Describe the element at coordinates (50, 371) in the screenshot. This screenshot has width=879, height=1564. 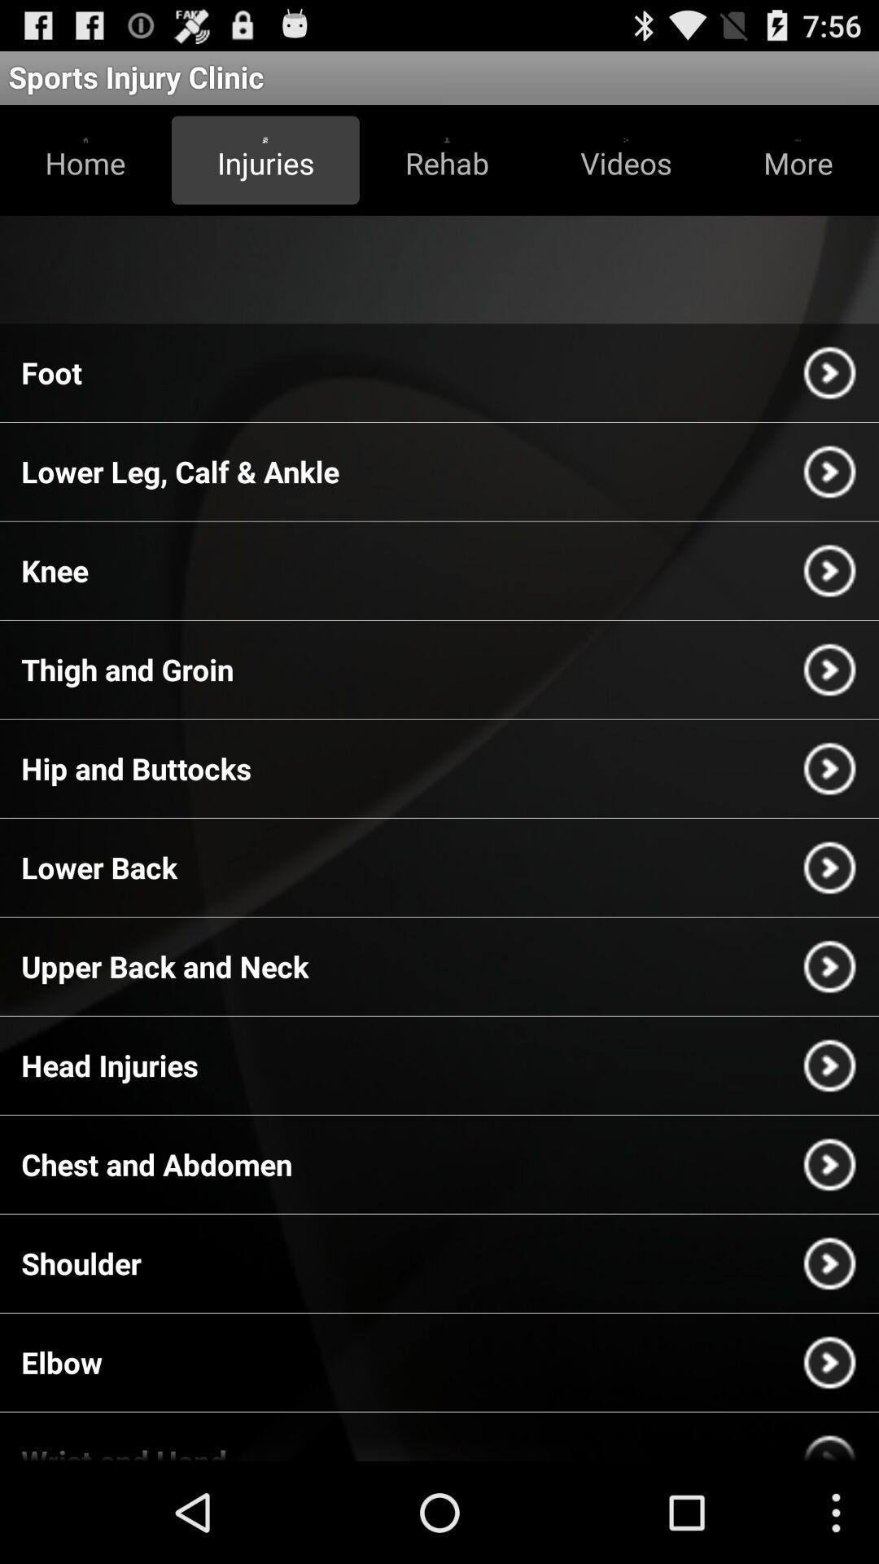
I see `the foot icon` at that location.